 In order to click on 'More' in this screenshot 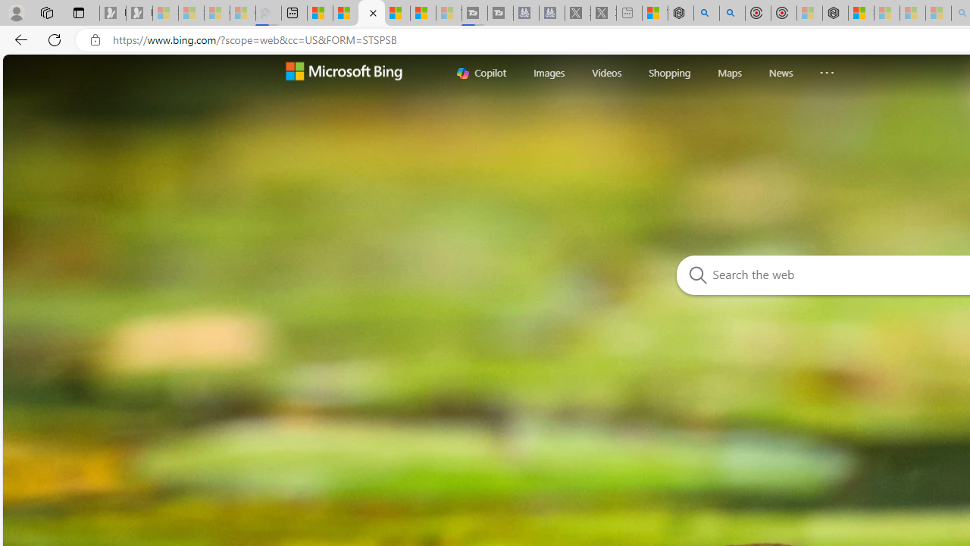, I will do `click(826, 69)`.